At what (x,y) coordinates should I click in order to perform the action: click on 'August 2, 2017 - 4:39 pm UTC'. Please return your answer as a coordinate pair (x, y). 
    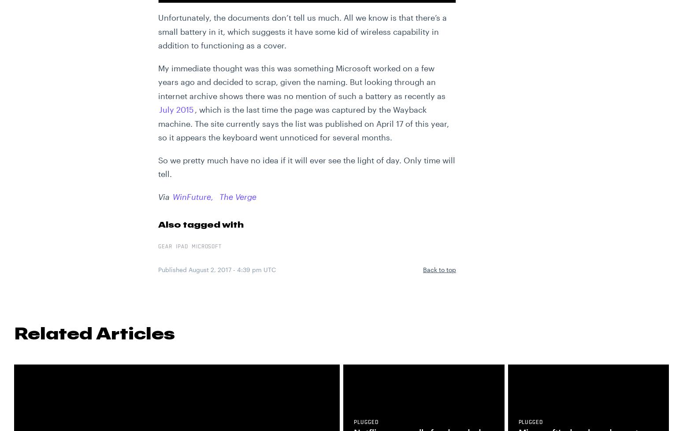
    Looking at the image, I should click on (232, 269).